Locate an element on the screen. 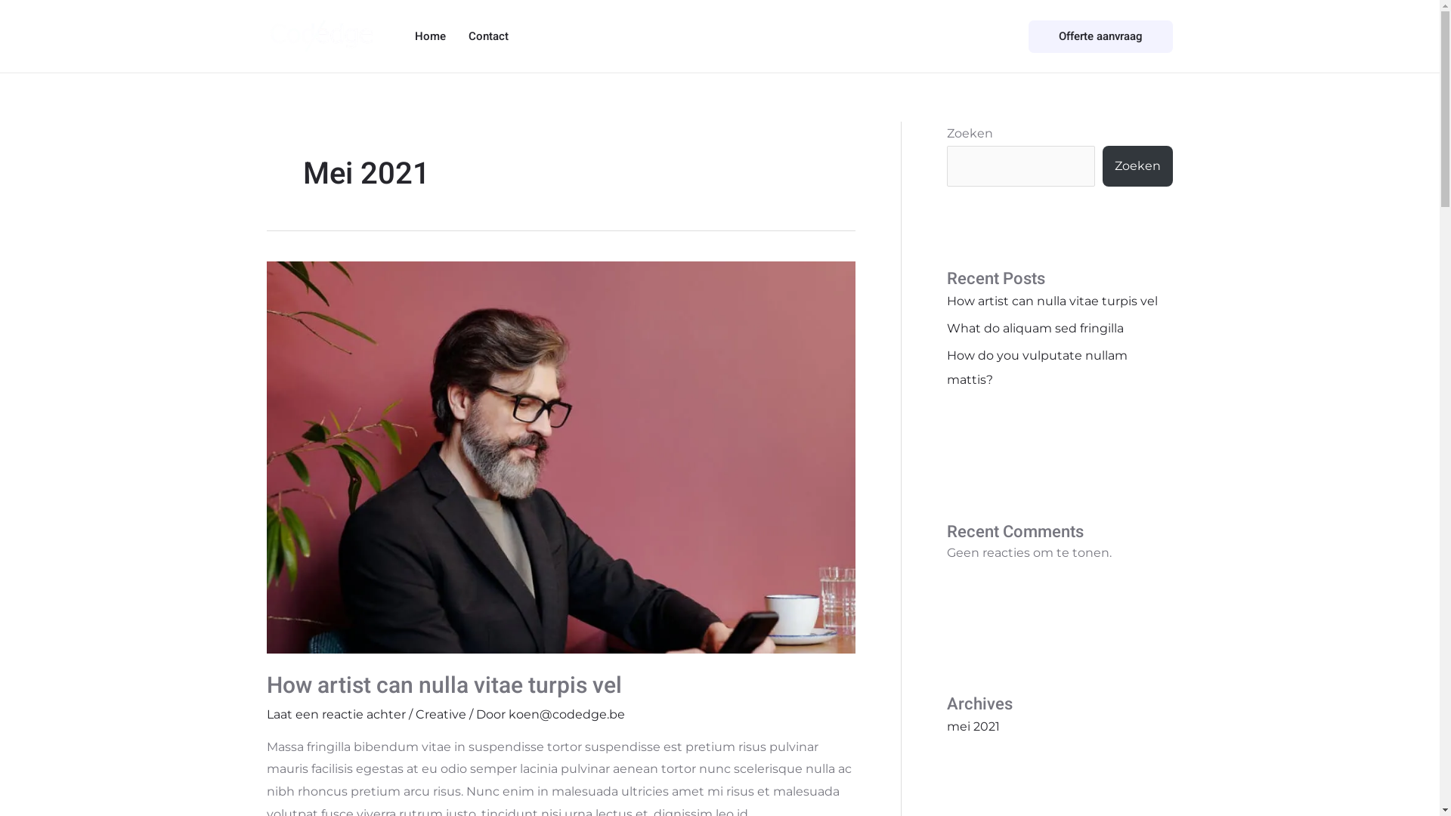 This screenshot has height=816, width=1451. 'Offerte aanvraag' is located at coordinates (1100, 36).